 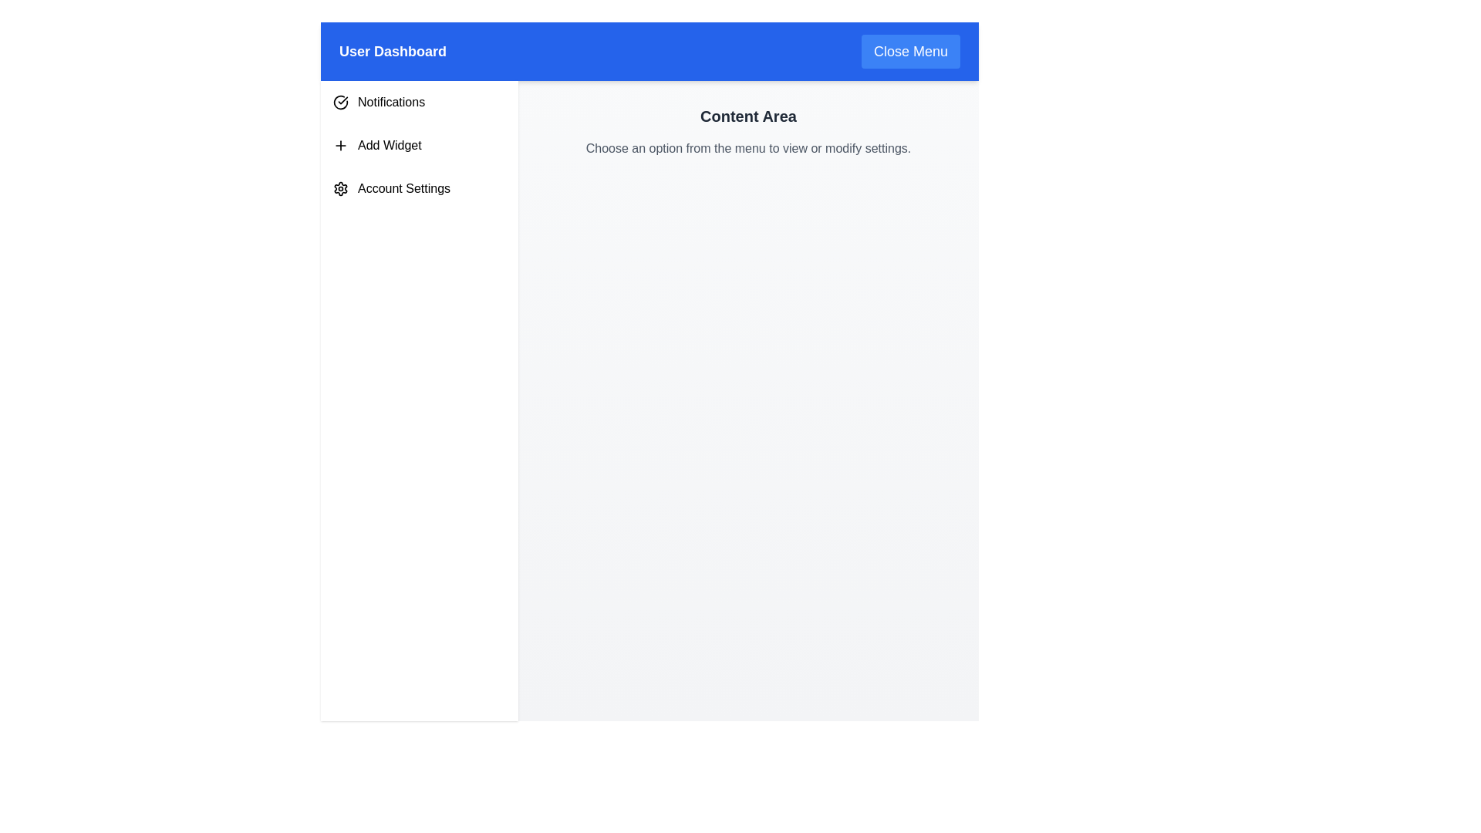 I want to click on the 'Account Settings' menu item, which features a gear icon and is the third item in the sidebar menu list, so click(x=419, y=188).